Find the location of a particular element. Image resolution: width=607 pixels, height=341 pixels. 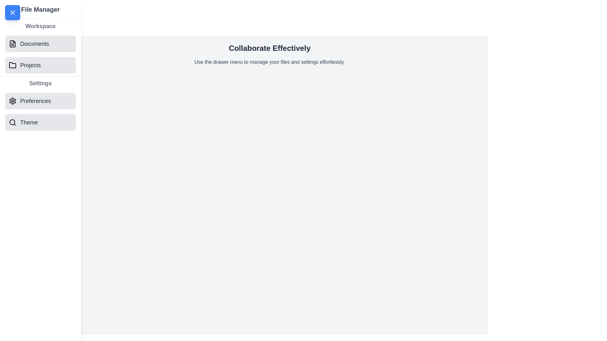

the toggle button to toggle the drawer visibility is located at coordinates (12, 12).